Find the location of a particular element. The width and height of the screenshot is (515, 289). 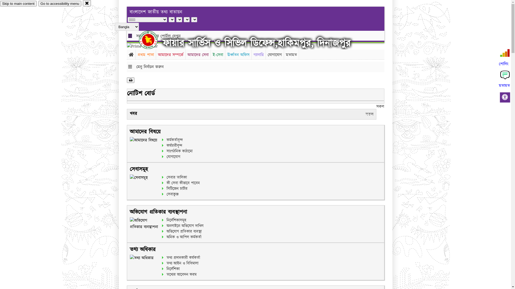

'Go to accessibility menu' is located at coordinates (60, 3).